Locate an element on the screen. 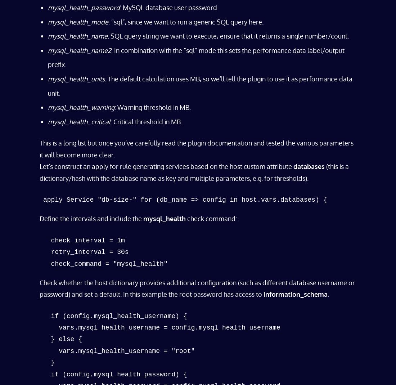 Image resolution: width=396 pixels, height=385 pixels. ': The default calculation uses MB, so we’ll tell the plugin to use it as performance data unit.' is located at coordinates (200, 85).